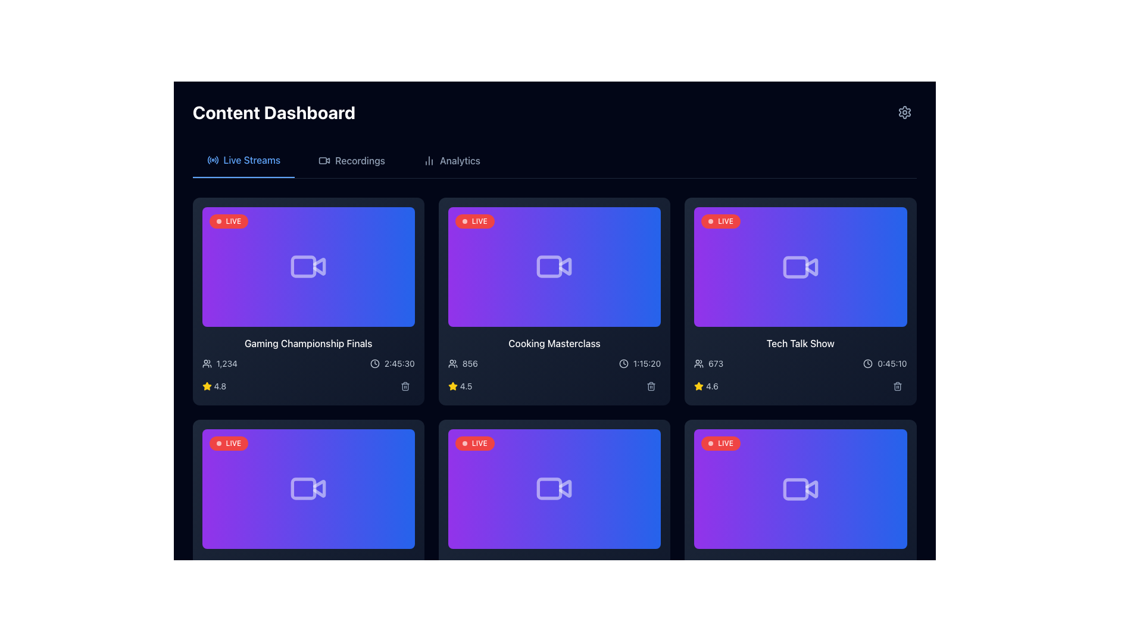 This screenshot has height=643, width=1143. Describe the element at coordinates (227, 363) in the screenshot. I see `the Text Display showing '1,234' that is styled in light font against a dark background, located in the first card in the top left corner, next to a user icon` at that location.